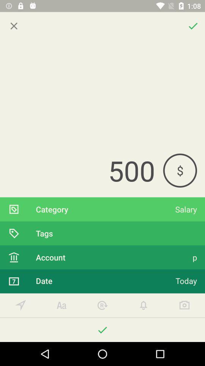 This screenshot has width=205, height=366. Describe the element at coordinates (20, 305) in the screenshot. I see `show location on map` at that location.